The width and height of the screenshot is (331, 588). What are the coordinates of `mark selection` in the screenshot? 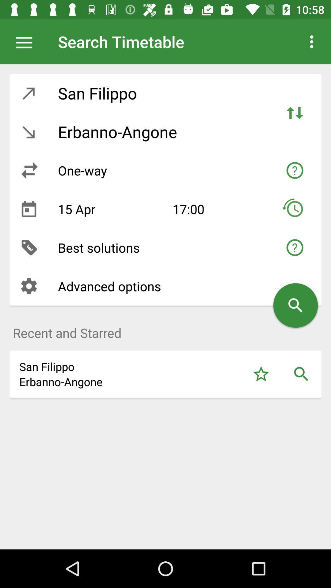 It's located at (261, 374).